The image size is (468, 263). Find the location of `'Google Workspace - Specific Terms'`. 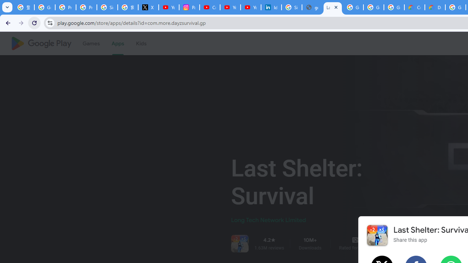

'Google Workspace - Specific Terms' is located at coordinates (393, 7).